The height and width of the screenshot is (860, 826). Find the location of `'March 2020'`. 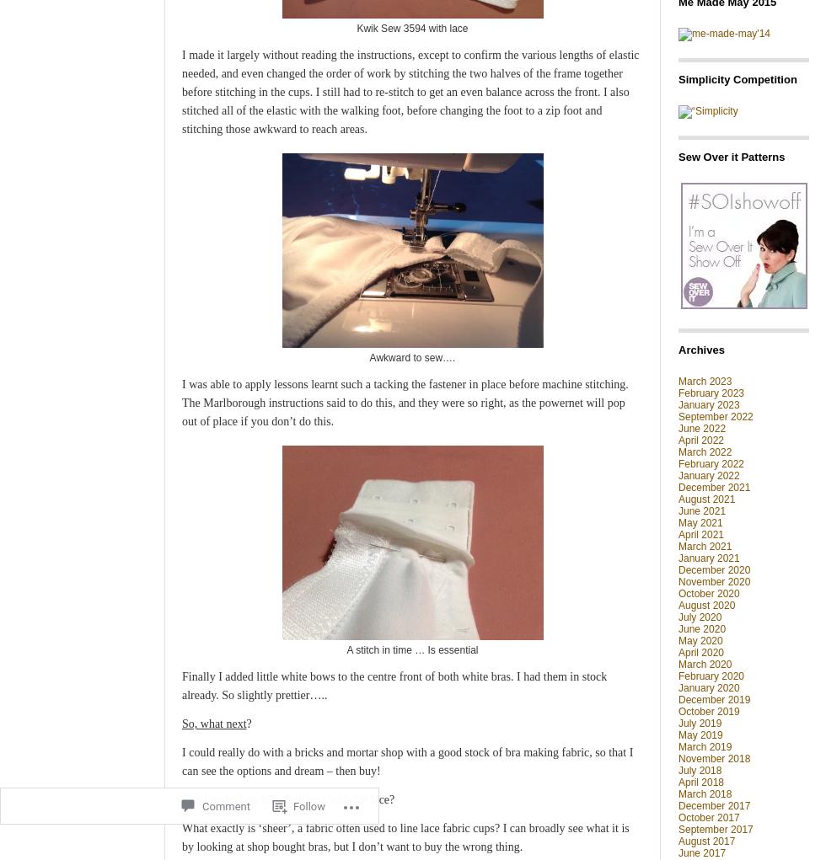

'March 2020' is located at coordinates (705, 663).